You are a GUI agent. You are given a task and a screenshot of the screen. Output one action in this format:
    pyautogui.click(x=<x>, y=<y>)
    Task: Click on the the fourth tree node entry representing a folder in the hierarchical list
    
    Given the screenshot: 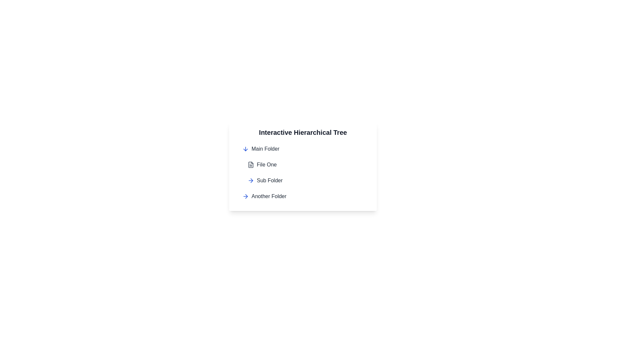 What is the action you would take?
    pyautogui.click(x=305, y=196)
    